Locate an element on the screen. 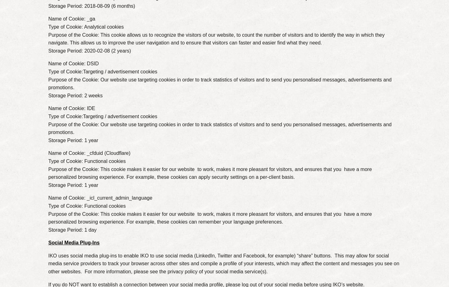 The height and width of the screenshot is (287, 449). 'IKO uses social media plug-ins to enable IKO to use social media (LinkedIn, Twitter and Facebook, for example) “share” buttons.  This may allow for social media service providers to track your browser across other sites and compile a profile of your interests, which may affect the content and messages you see on other websites.  For more information, please see the privacy policy of your social media service(s).' is located at coordinates (224, 263).